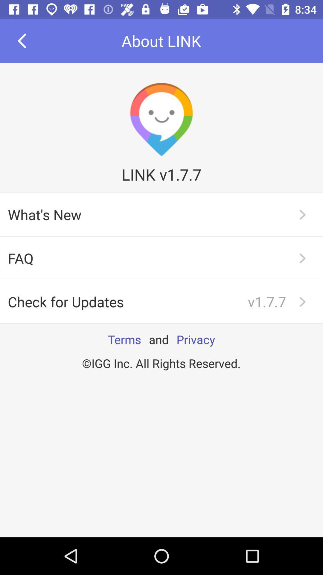 The image size is (323, 575). Describe the element at coordinates (124, 339) in the screenshot. I see `item above the igg inc all` at that location.